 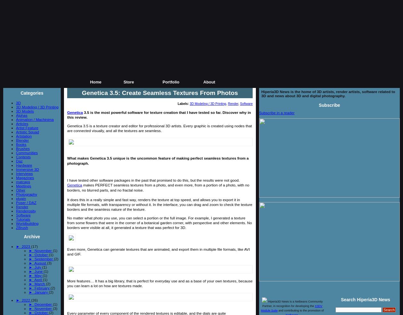 I want to click on '3.5 is the most powerful software for texture creation that I have tested so far. Discover why in this review.', so click(x=159, y=114).